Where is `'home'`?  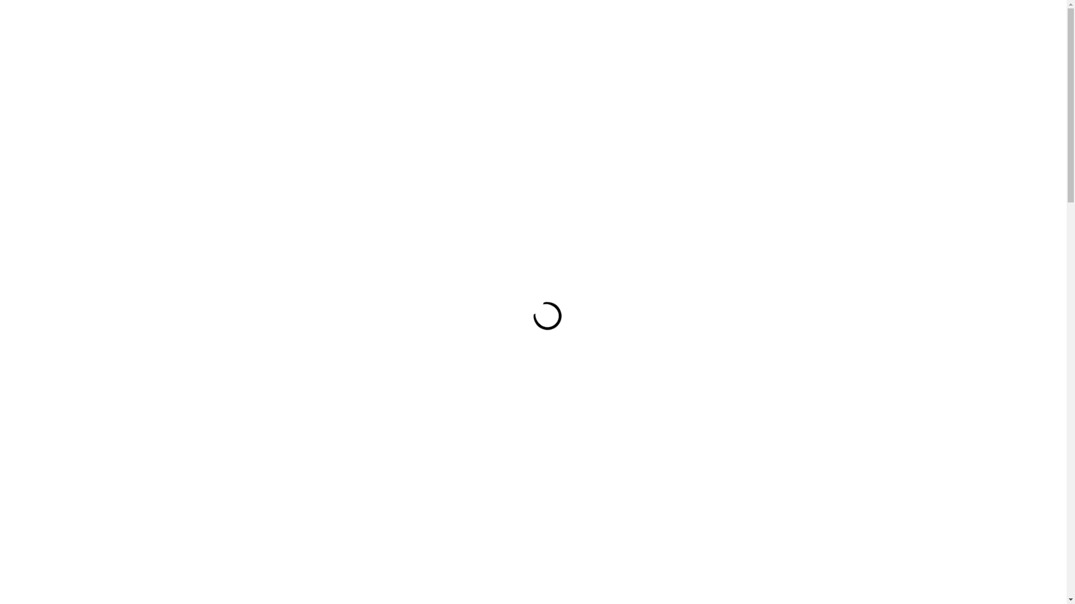
'home' is located at coordinates (225, 262).